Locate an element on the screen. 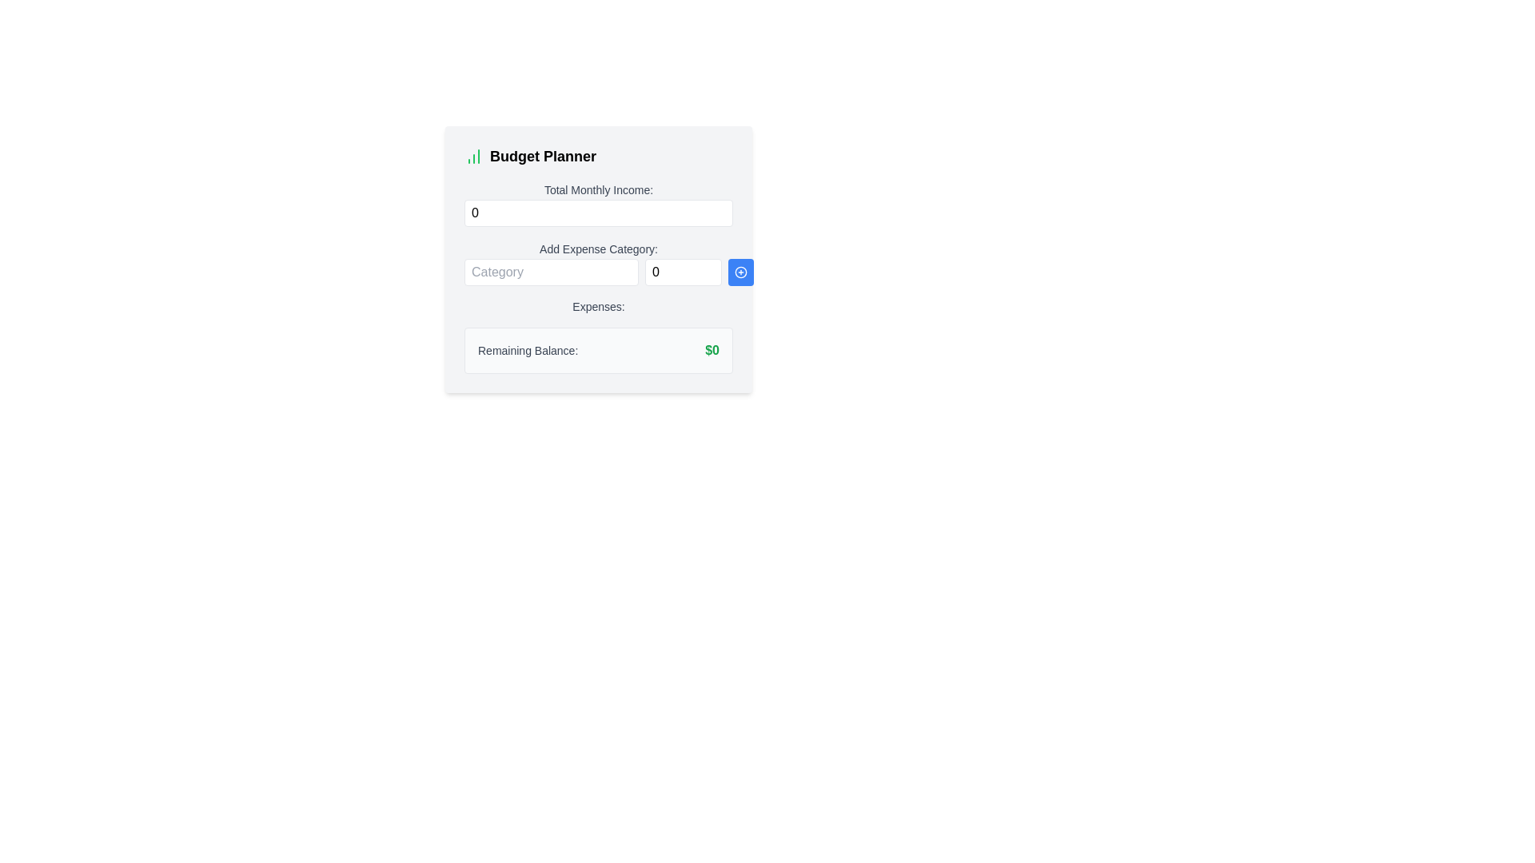 The height and width of the screenshot is (863, 1535). the decorative icon located at the top left corner of the 'Budget Planner' section, adjacent to the 'Budget Planner' text is located at coordinates (473, 157).